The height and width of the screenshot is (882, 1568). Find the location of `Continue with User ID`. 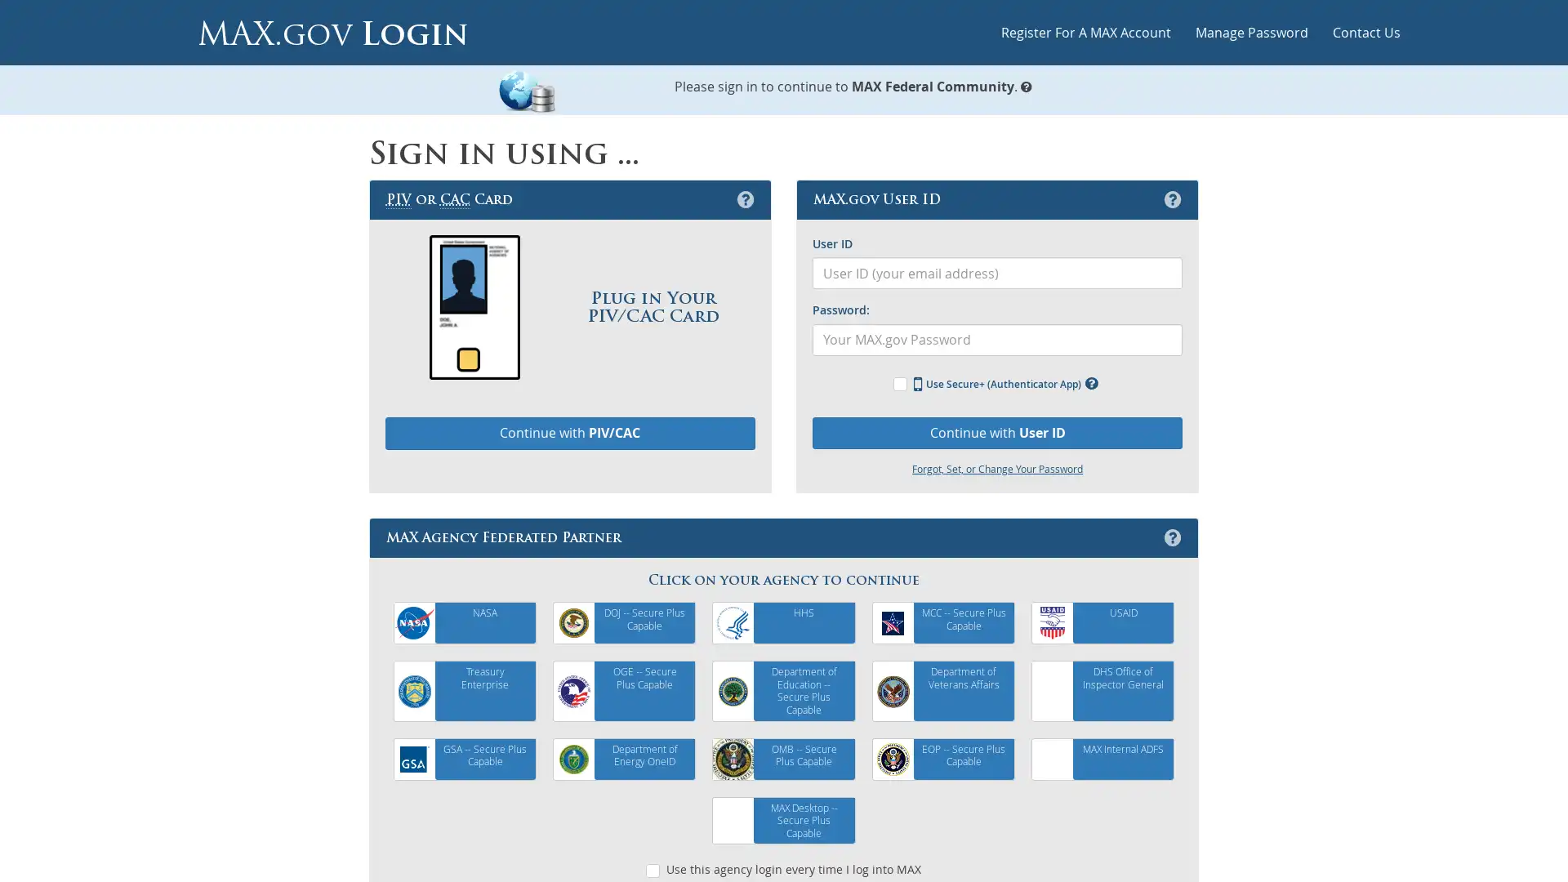

Continue with User ID is located at coordinates (996, 431).